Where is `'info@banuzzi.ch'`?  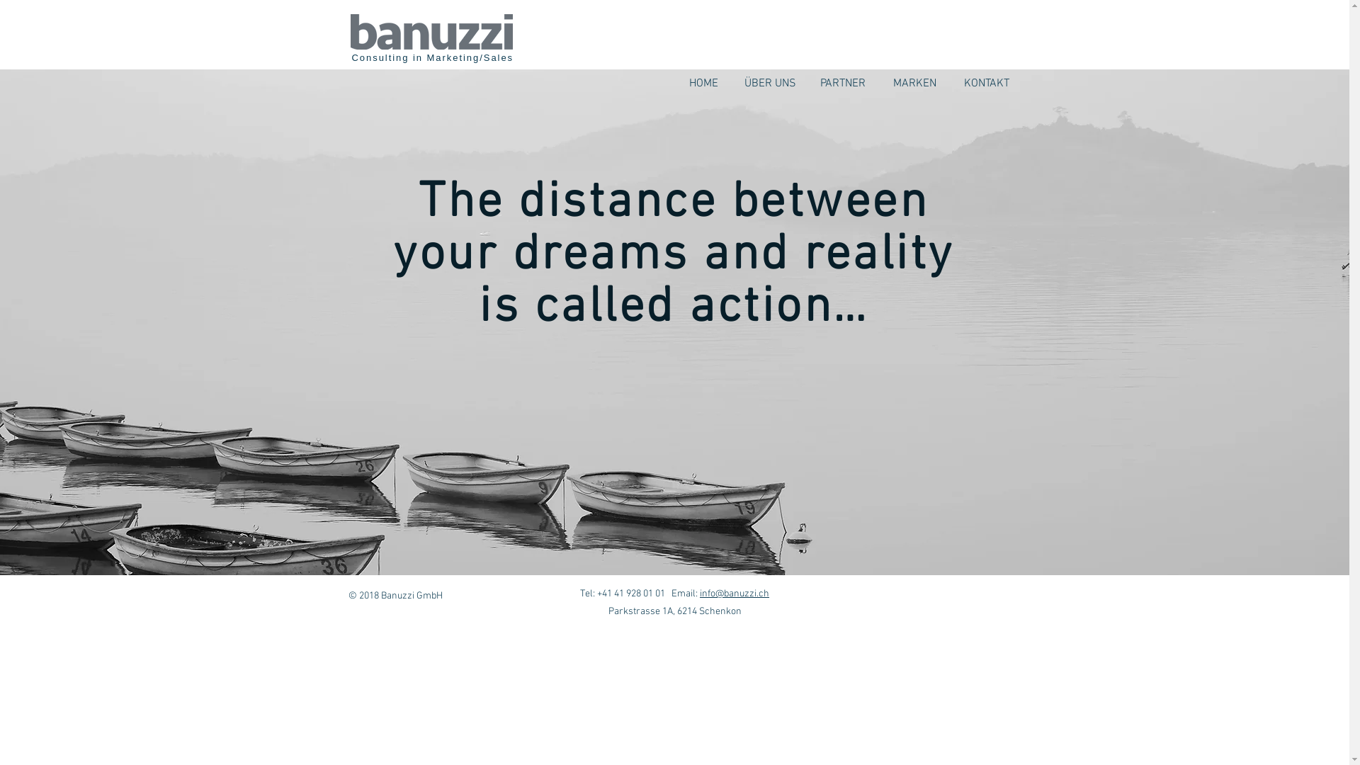 'info@banuzzi.ch' is located at coordinates (734, 594).